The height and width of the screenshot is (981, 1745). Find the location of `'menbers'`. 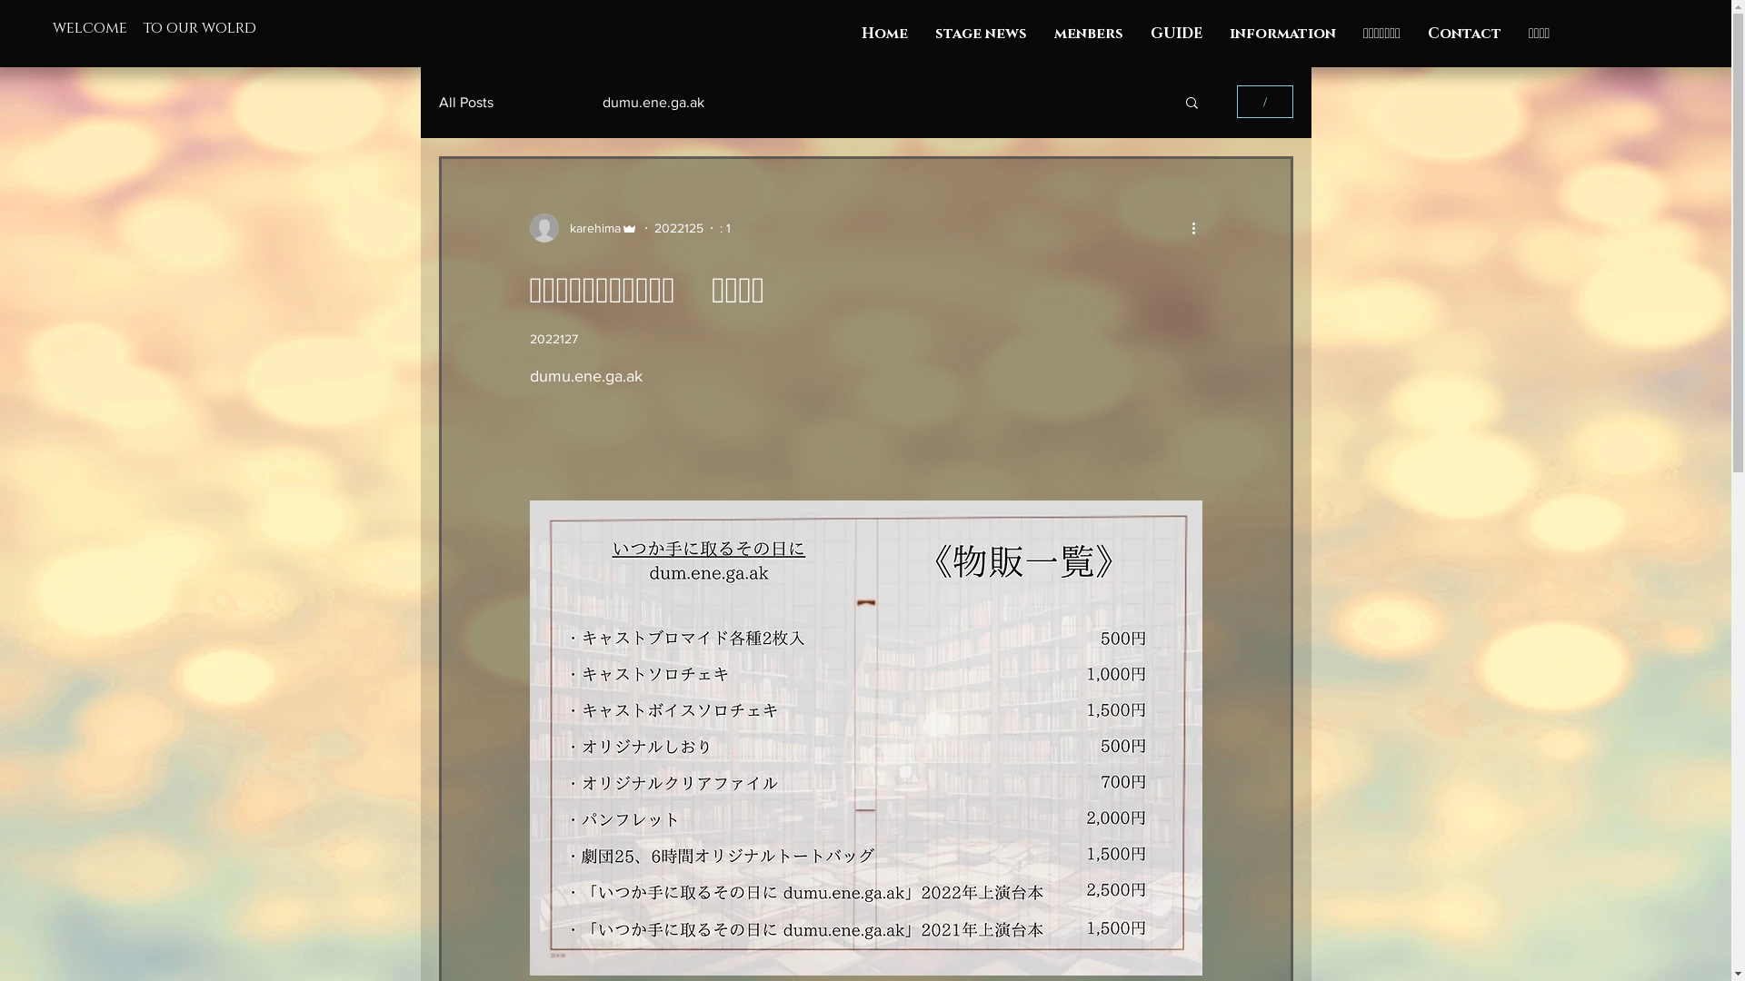

'menbers' is located at coordinates (1089, 34).